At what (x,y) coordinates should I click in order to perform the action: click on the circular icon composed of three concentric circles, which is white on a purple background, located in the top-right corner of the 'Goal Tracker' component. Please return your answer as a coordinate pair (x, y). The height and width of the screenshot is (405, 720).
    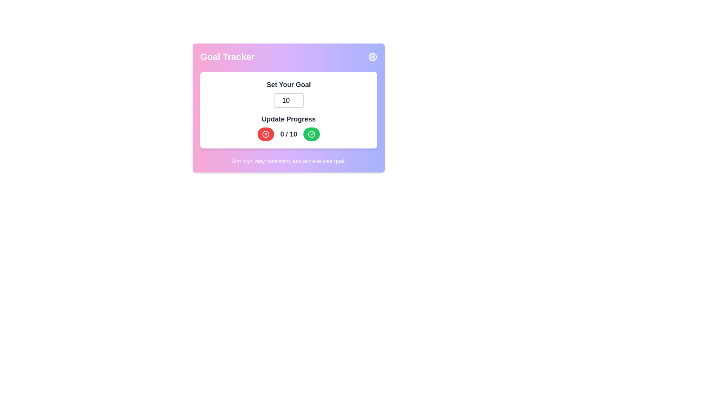
    Looking at the image, I should click on (372, 56).